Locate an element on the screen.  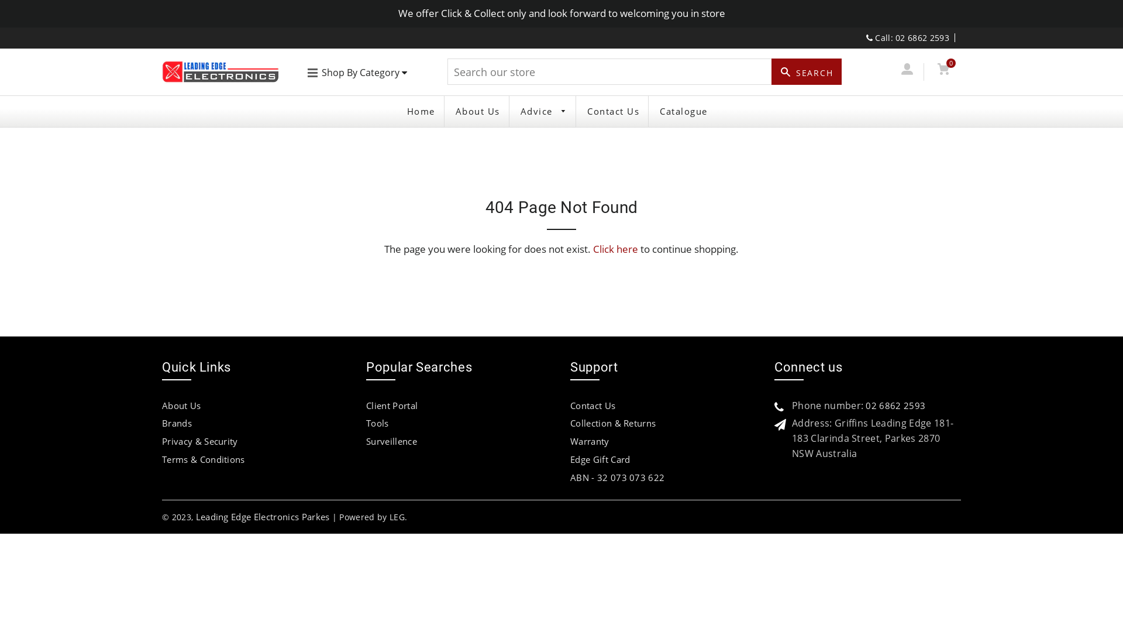
'SEARCH' is located at coordinates (771, 71).